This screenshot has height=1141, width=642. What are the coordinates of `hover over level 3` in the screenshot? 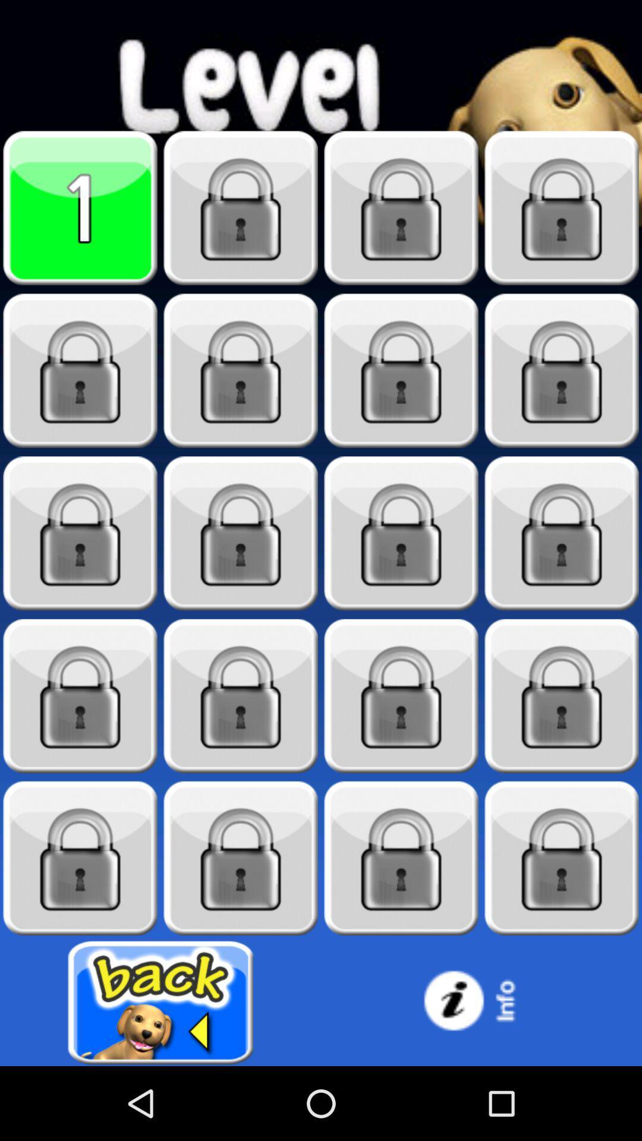 It's located at (401, 208).